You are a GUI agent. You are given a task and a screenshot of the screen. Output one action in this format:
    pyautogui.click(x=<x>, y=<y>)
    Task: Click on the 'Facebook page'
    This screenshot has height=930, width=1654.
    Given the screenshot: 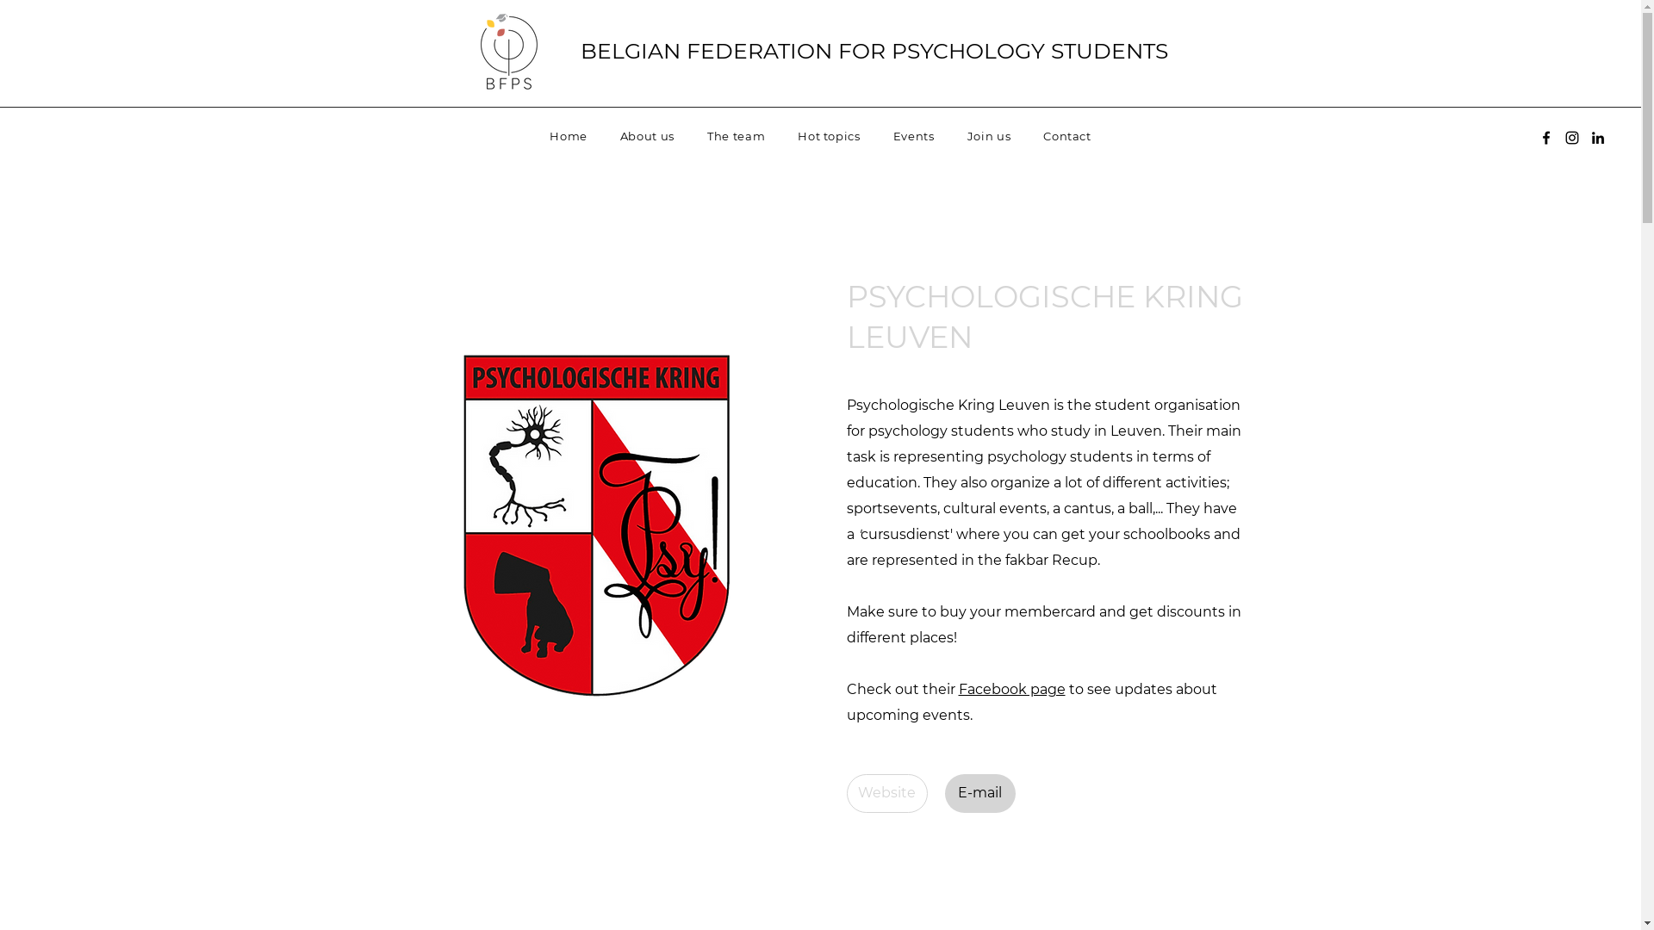 What is the action you would take?
    pyautogui.click(x=1011, y=688)
    